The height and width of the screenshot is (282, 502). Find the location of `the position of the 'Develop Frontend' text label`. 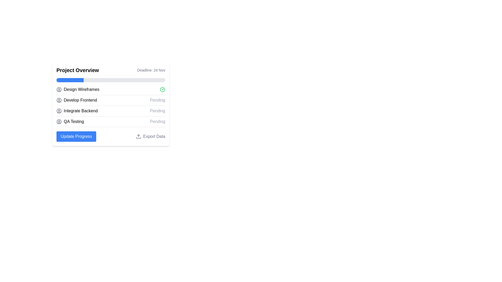

the position of the 'Develop Frontend' text label is located at coordinates (76, 100).